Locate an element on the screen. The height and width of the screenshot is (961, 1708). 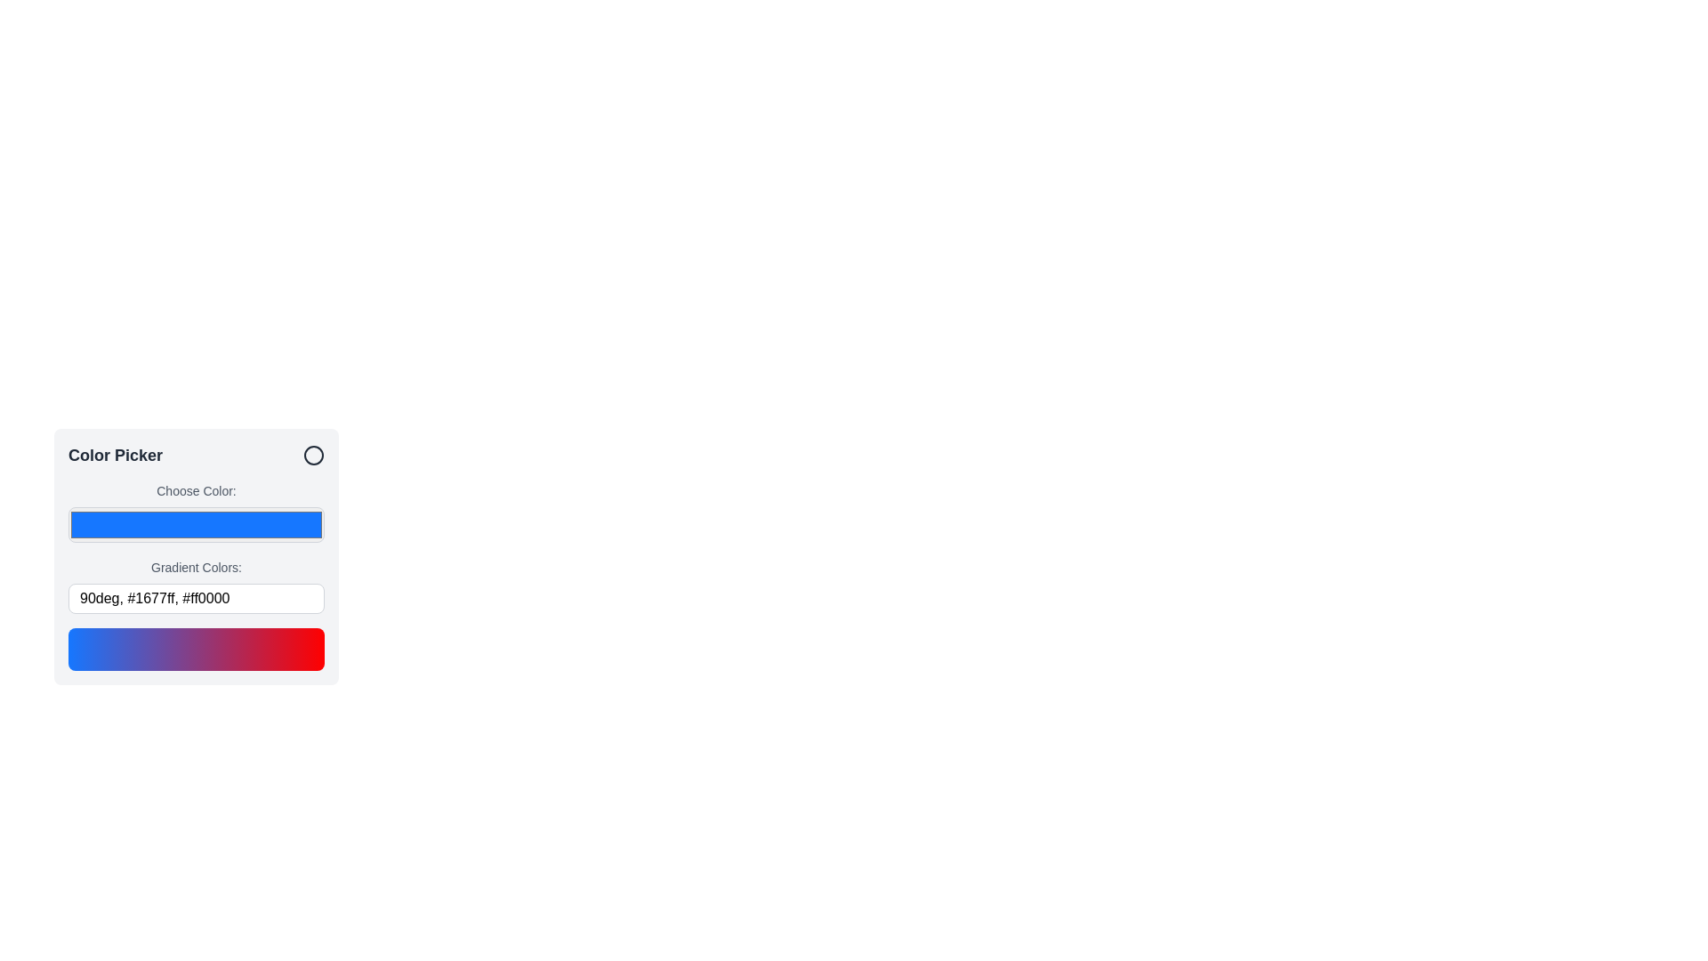
the static text element that reads 'Gradient Colors:' which is styled in gray and located within the 'Color Picker' component, positioned below the 'Choose Color:' label is located at coordinates (196, 567).